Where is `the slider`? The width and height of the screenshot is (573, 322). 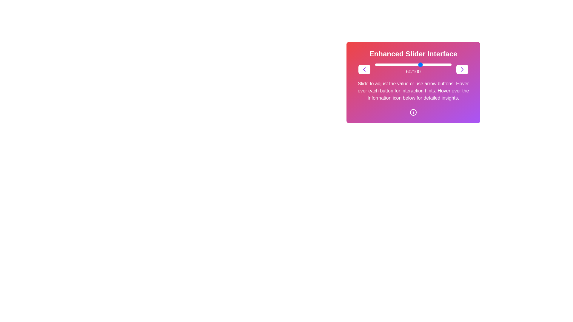 the slider is located at coordinates (380, 64).